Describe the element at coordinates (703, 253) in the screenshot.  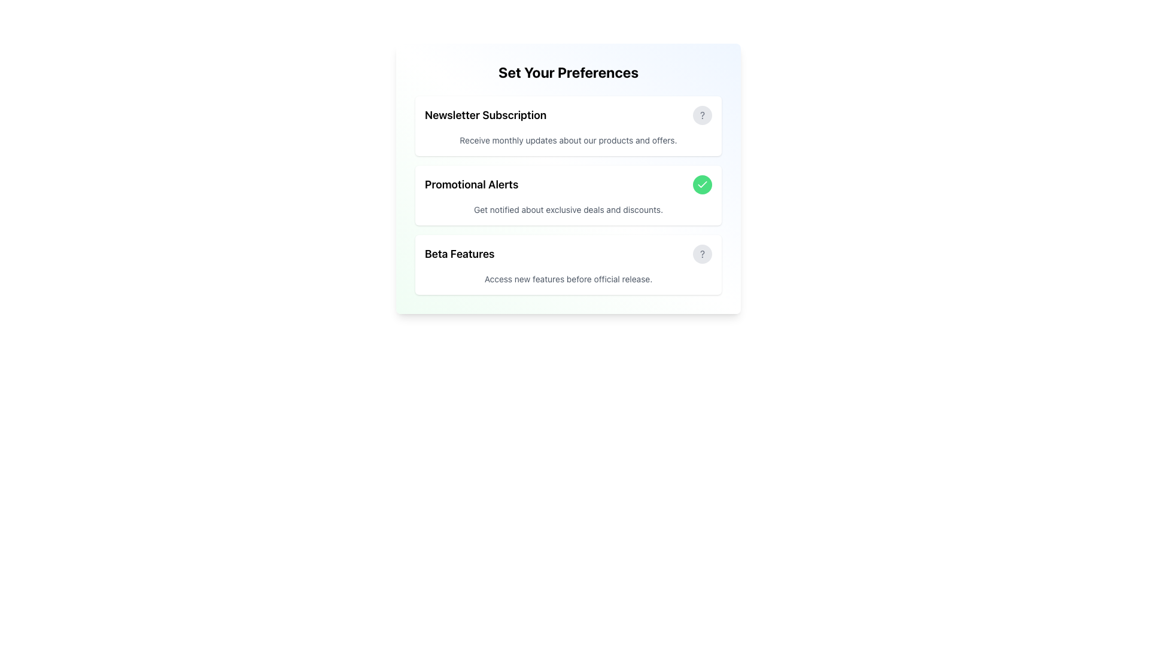
I see `the circular help button with a '?' icon located in the lower-right corner of the 'Beta Features' section` at that location.